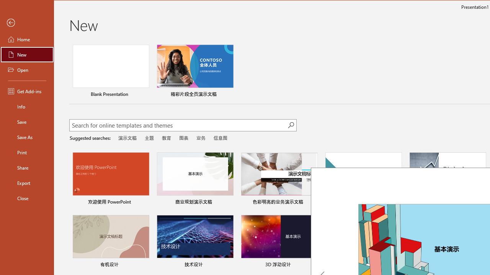 This screenshot has height=275, width=490. Describe the element at coordinates (27, 54) in the screenshot. I see `'New'` at that location.